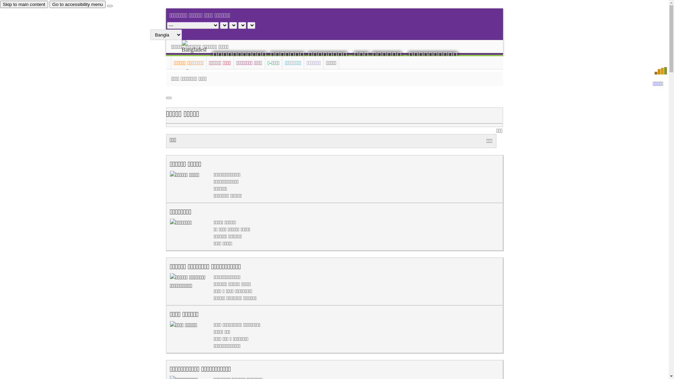 The height and width of the screenshot is (379, 674). I want to click on ', so click(200, 55).